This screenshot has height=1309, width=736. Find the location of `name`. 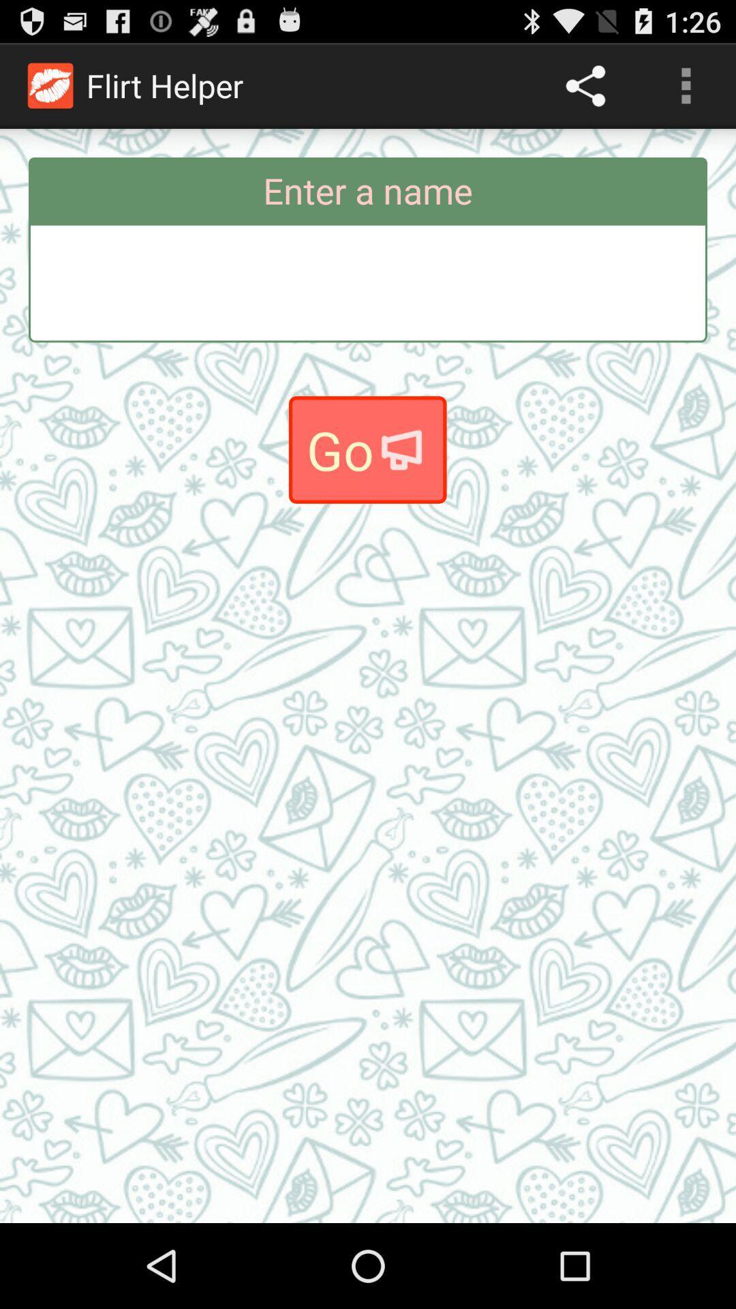

name is located at coordinates (368, 282).